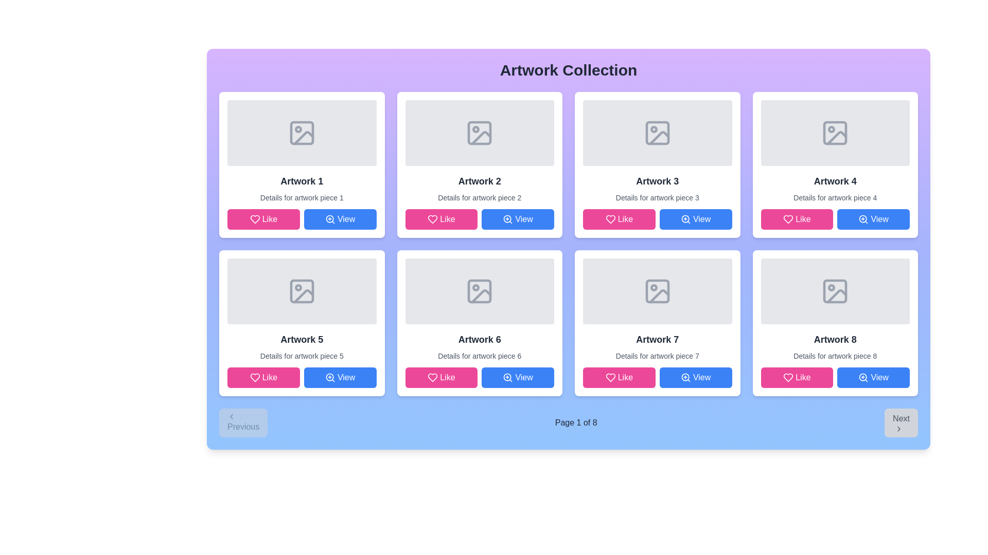  I want to click on the text label displaying 'Details for artwork piece 4', which is positioned below the title 'Artwork 4' and above the action buttons in the fourth card of a 4-column grid layout, so click(835, 198).